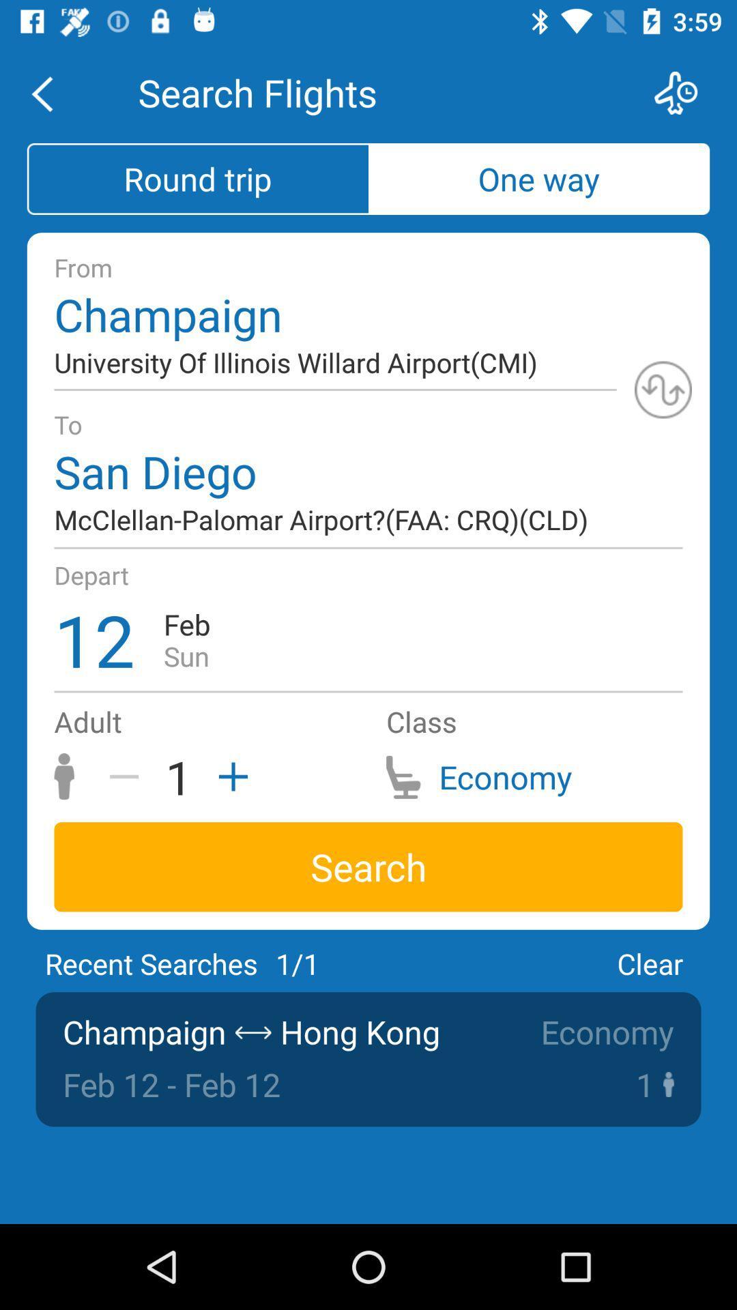 This screenshot has height=1310, width=737. I want to click on subtract adult from flight, so click(129, 776).